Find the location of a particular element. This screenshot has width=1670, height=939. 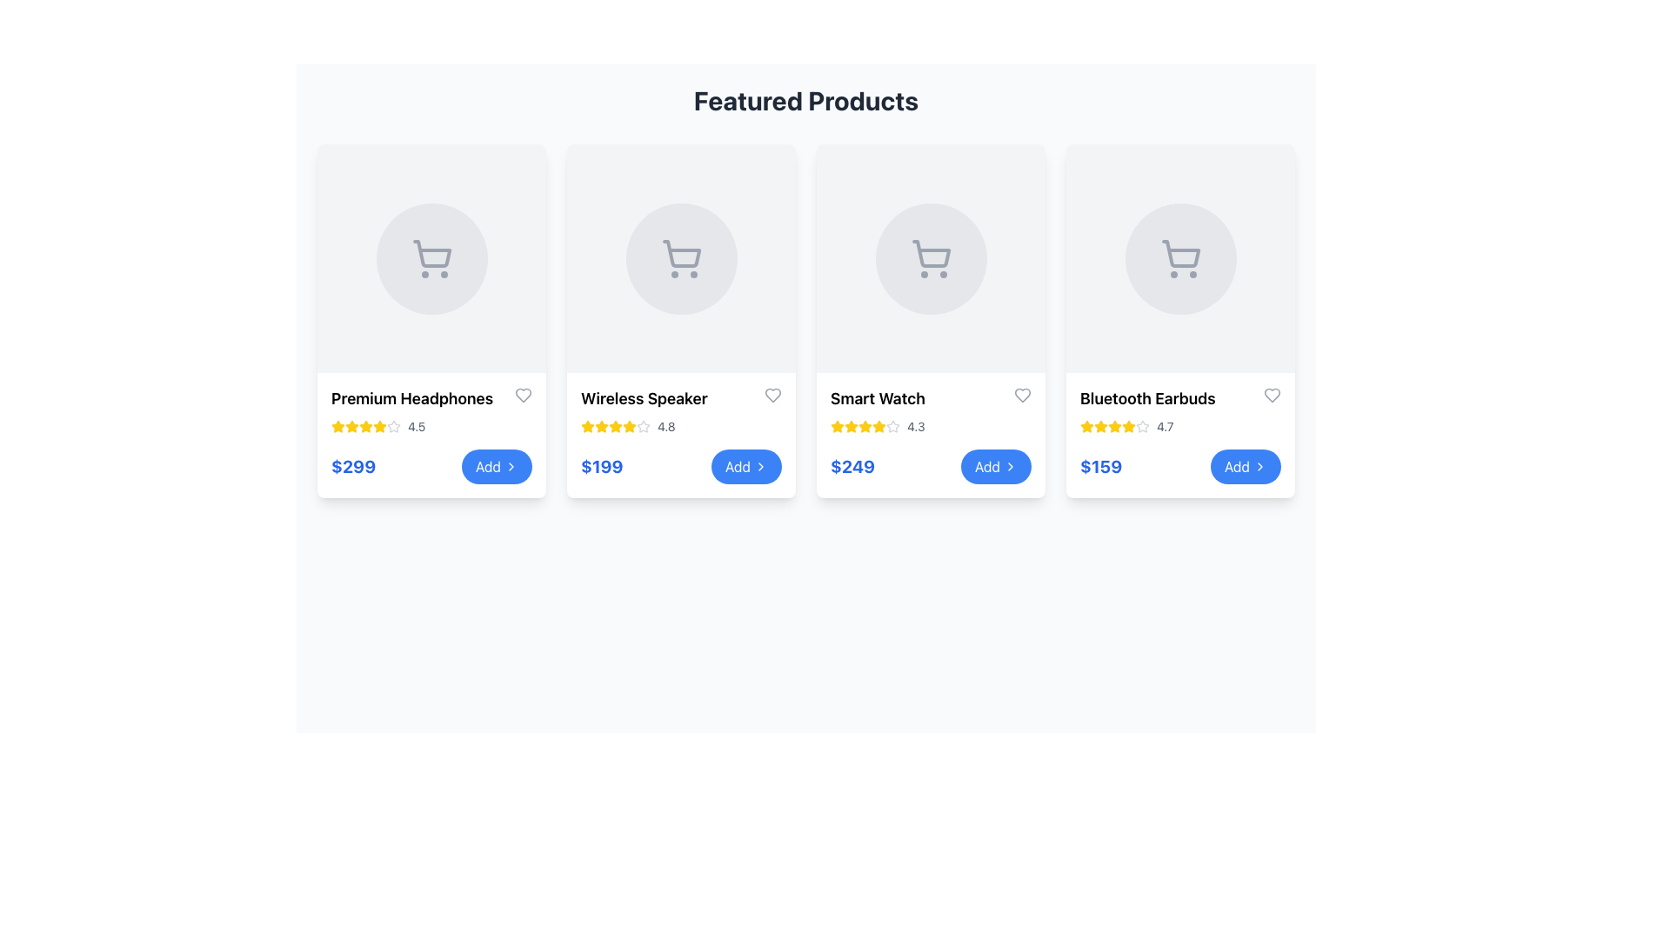

the 'Add' button in the third product card under the 'Smart Watch' section is located at coordinates (930, 465).